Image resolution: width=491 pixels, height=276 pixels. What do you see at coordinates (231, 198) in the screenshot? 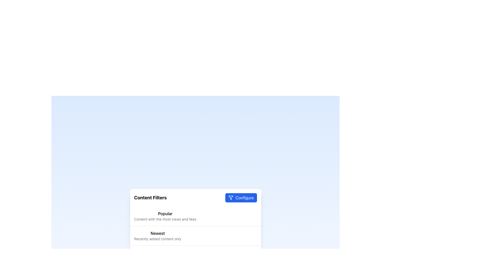
I see `the filter options icon located inside the blue rectangular button at the top-right corner of the 'Content Filters' card` at bounding box center [231, 198].